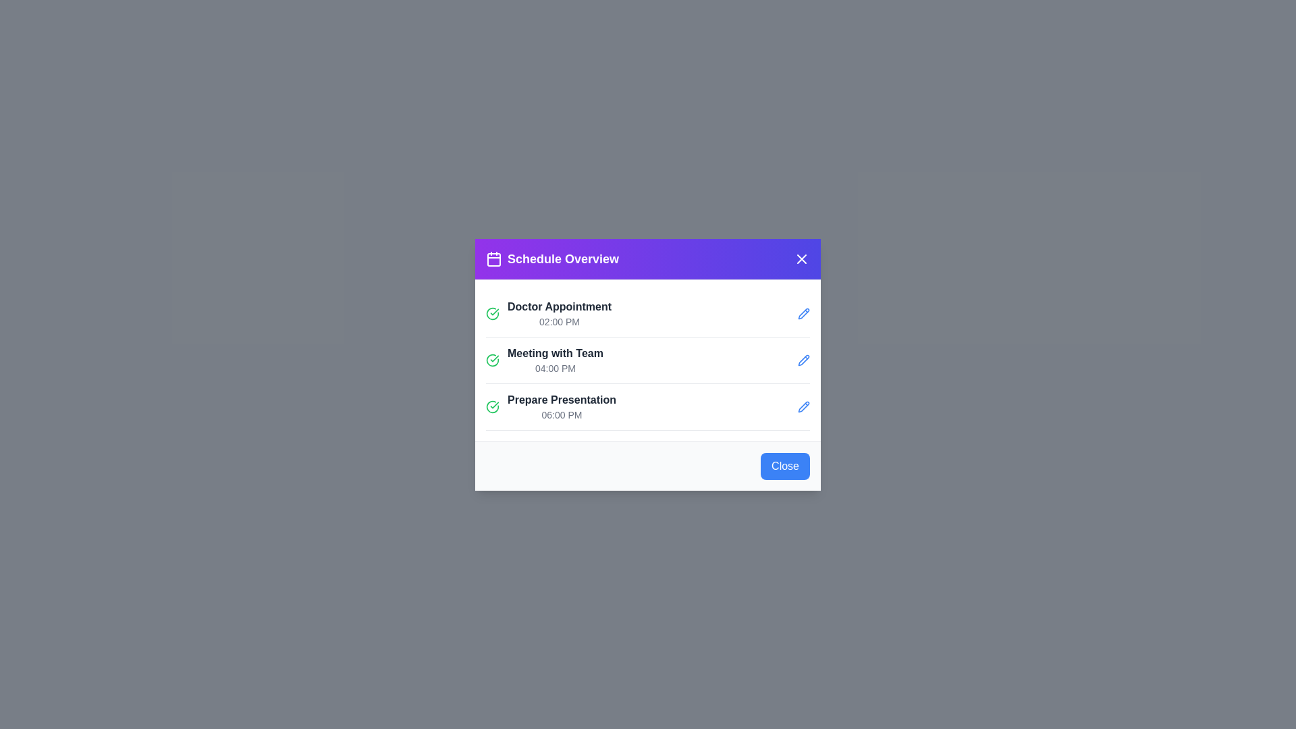 The width and height of the screenshot is (1296, 729). I want to click on the edit button located on the far-right side of the 'Prepare Presentation' entry at '06:00 PM' in the schedule overview dialog for keyboard navigation, so click(803, 406).